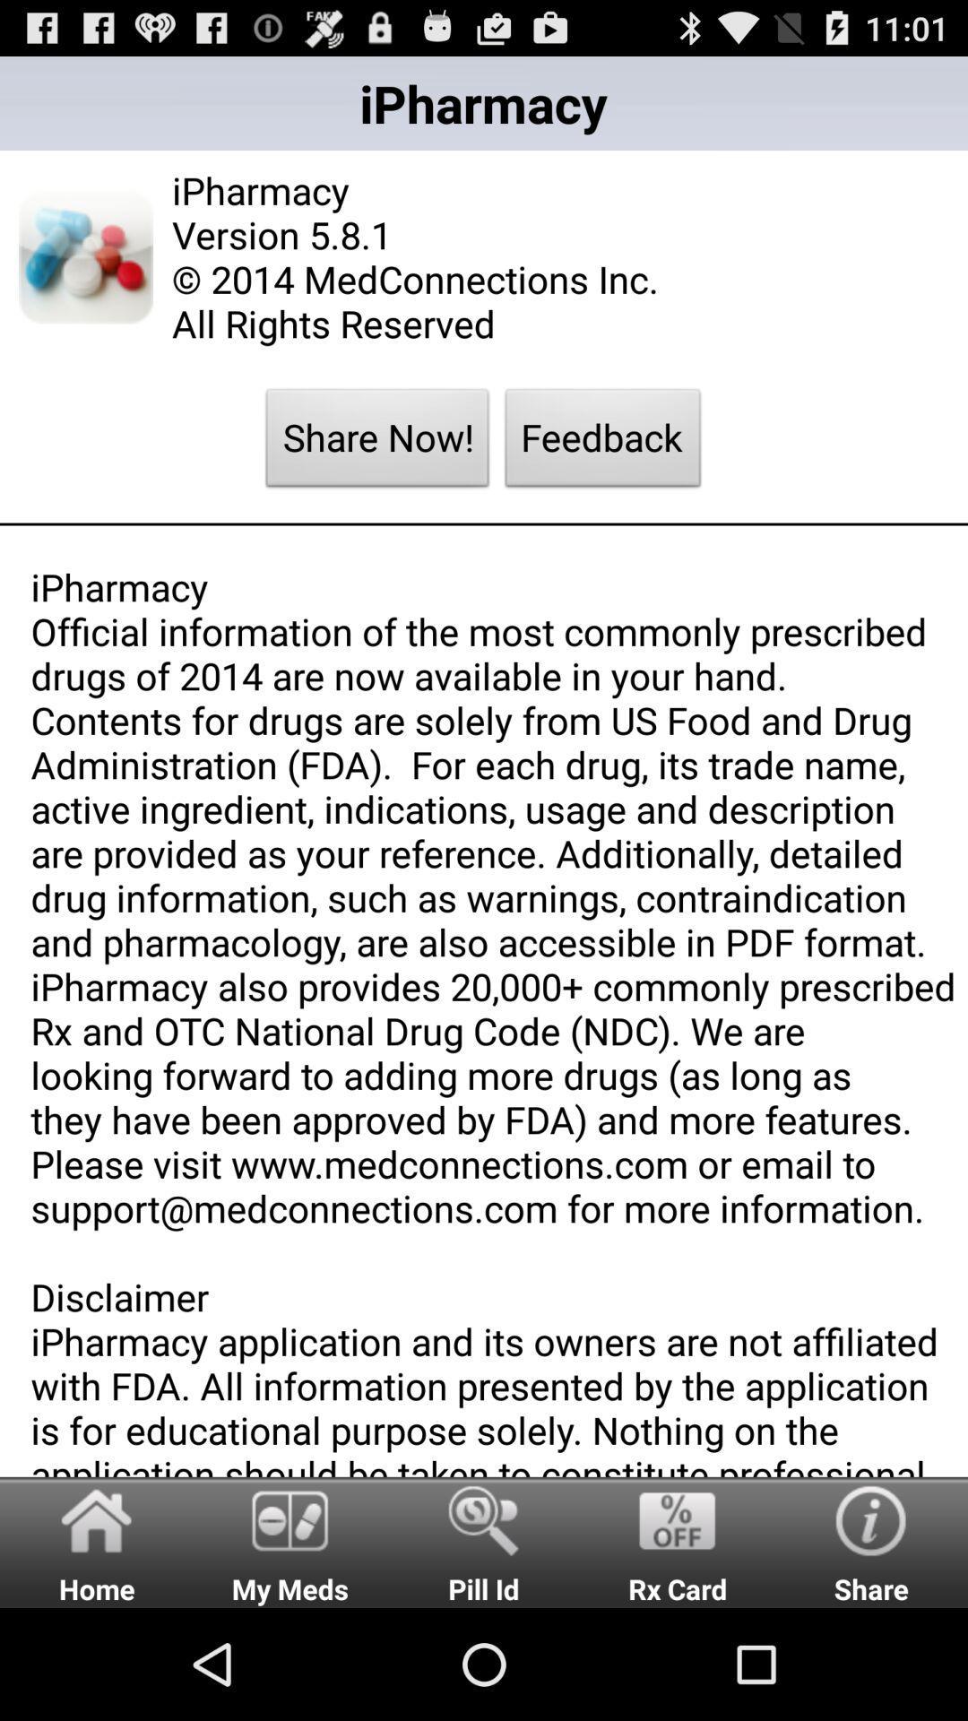  I want to click on the icon to the right of my meds item, so click(484, 1541).